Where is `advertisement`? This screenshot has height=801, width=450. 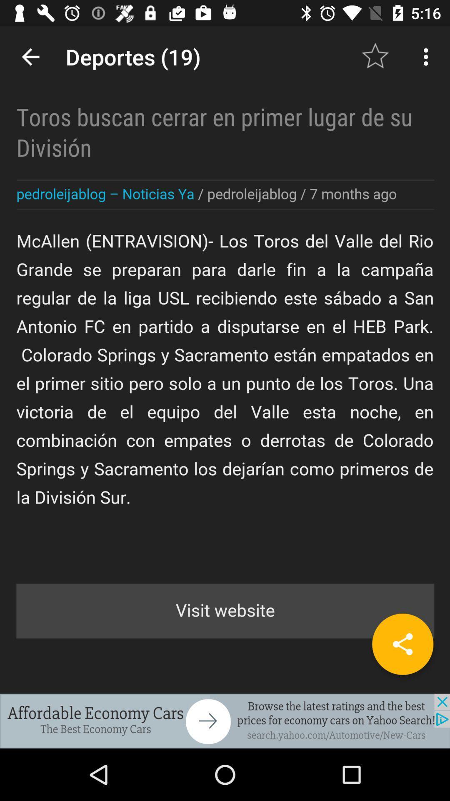 advertisement is located at coordinates (225, 720).